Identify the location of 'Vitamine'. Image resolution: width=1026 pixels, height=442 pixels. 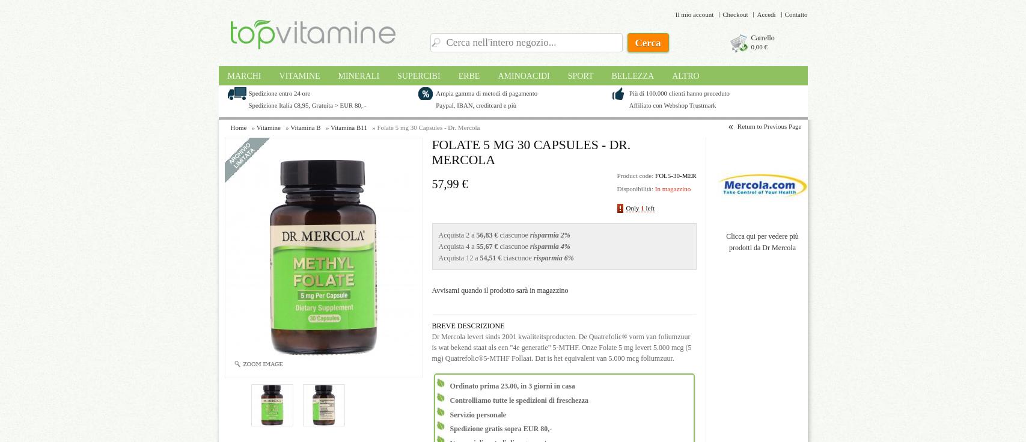
(268, 126).